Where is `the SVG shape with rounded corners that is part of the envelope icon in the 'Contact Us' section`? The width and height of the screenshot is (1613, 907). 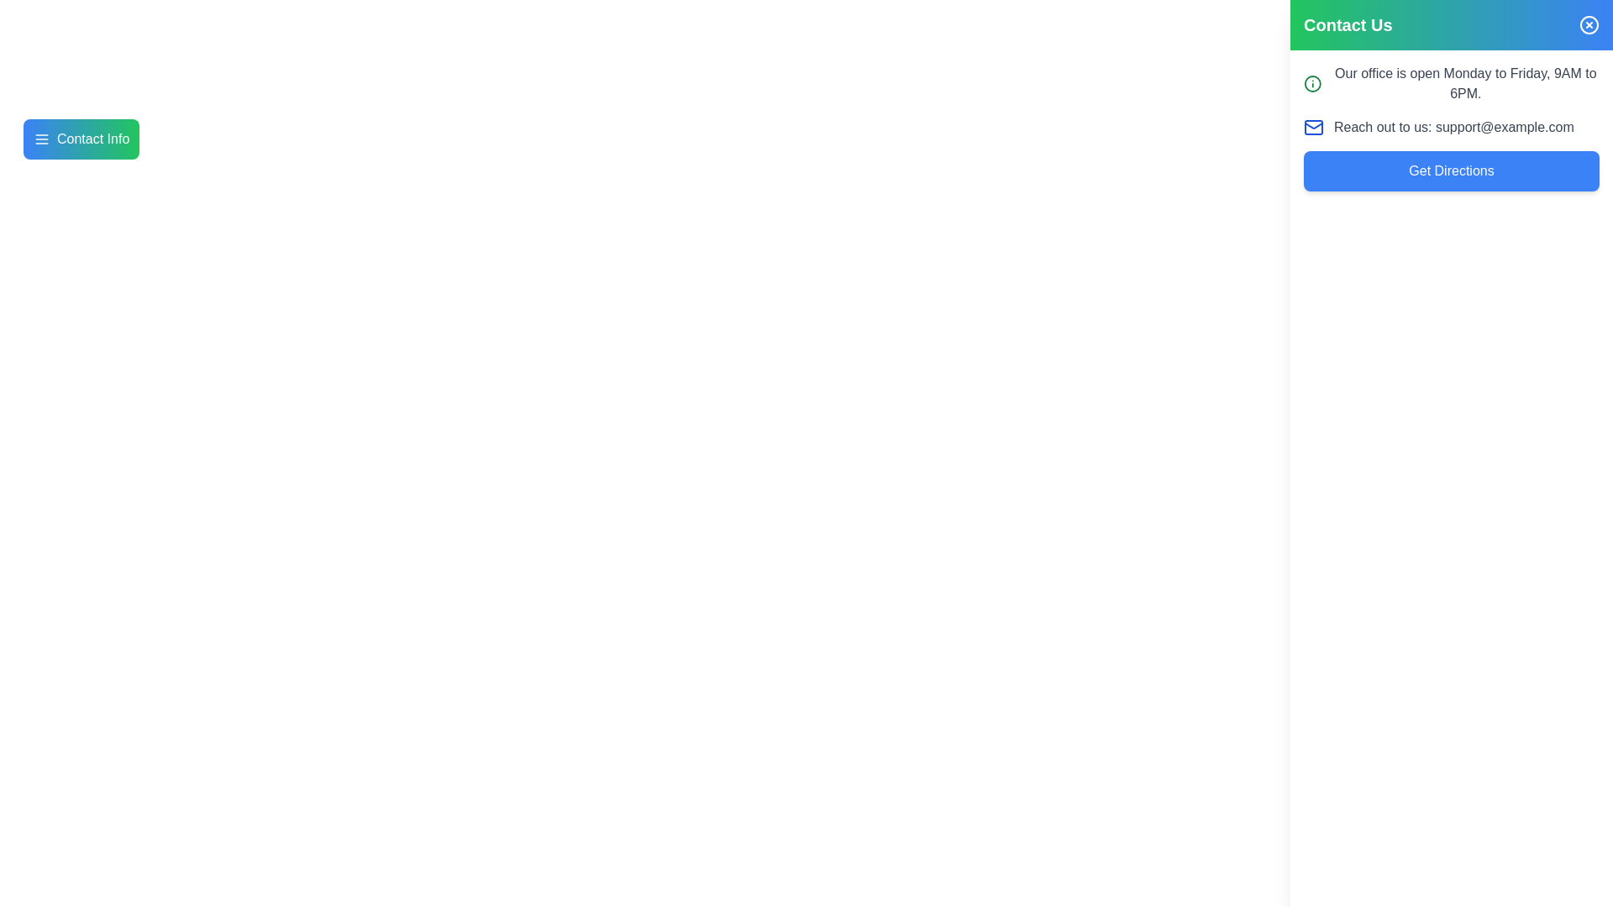 the SVG shape with rounded corners that is part of the envelope icon in the 'Contact Us' section is located at coordinates (1313, 126).